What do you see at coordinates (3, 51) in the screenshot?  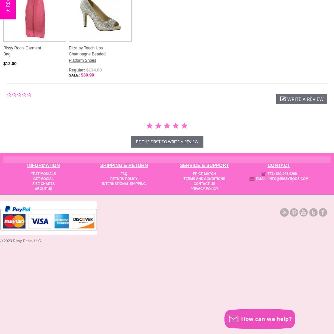 I see `'Rissy Roo's Garment Bag'` at bounding box center [3, 51].